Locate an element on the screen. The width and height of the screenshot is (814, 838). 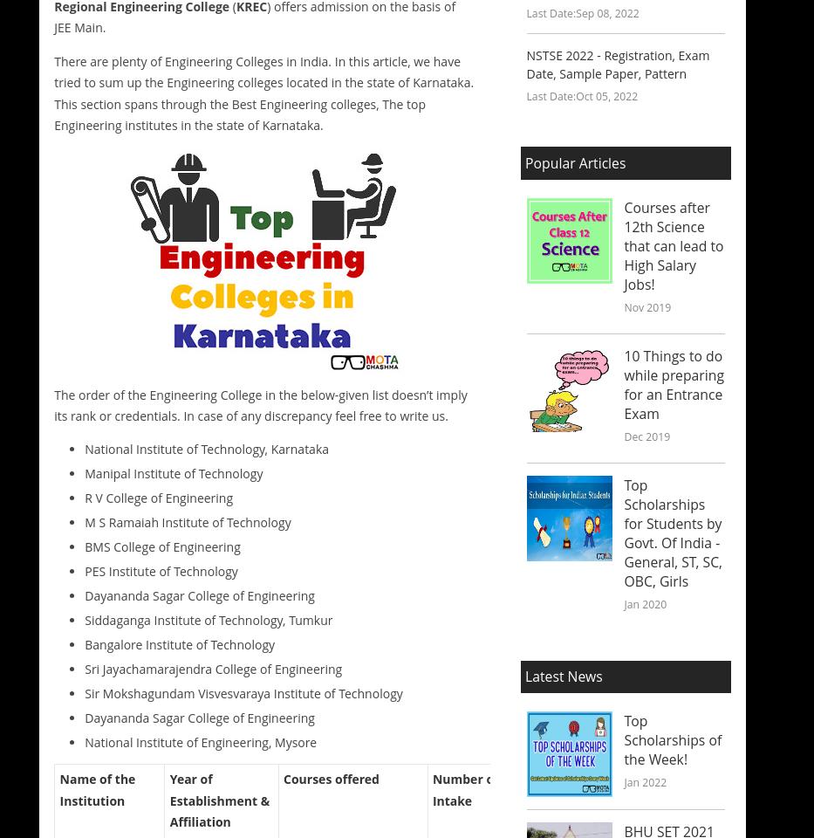
'Siddaganga Institute of Technology, Tumkur' is located at coordinates (208, 619).